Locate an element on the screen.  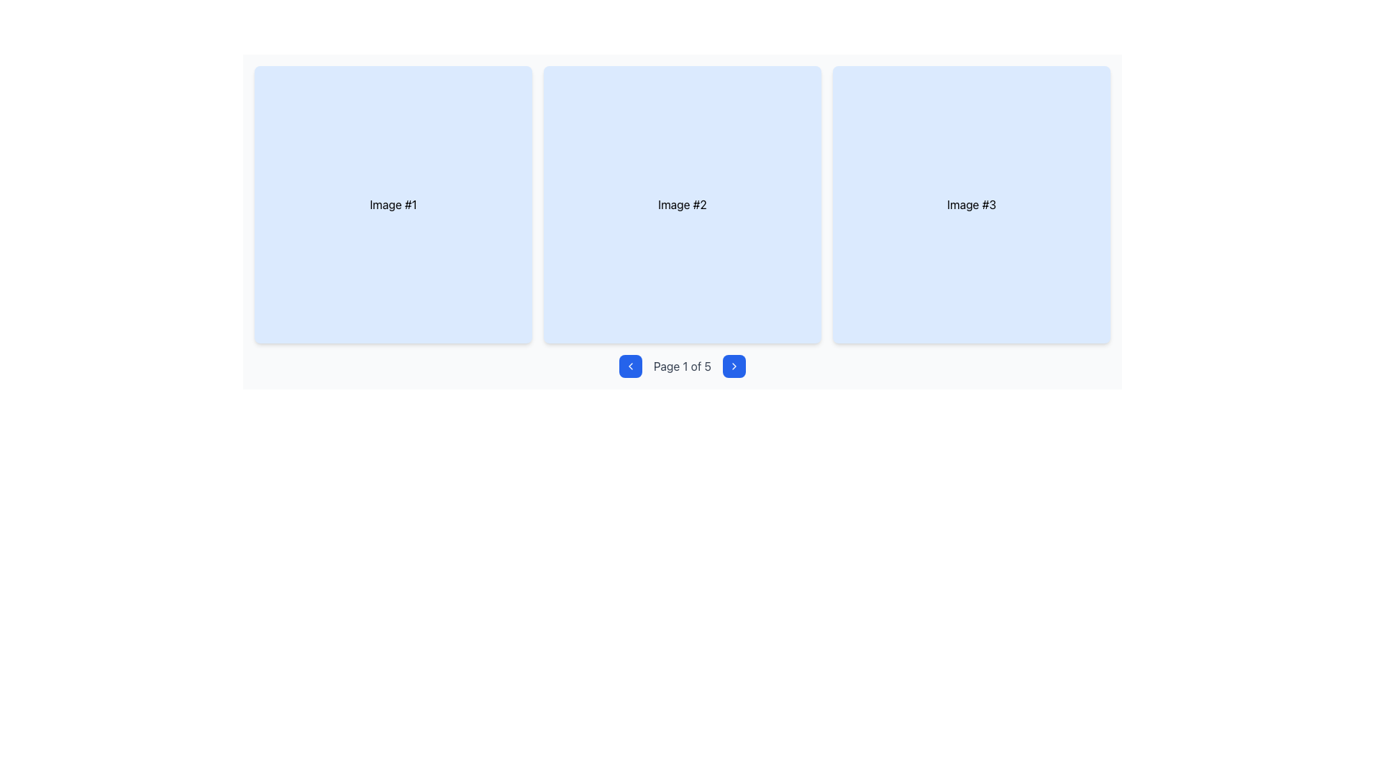
the rightmost navigation button that moves to the next page for a visual feedback effect is located at coordinates (734, 365).